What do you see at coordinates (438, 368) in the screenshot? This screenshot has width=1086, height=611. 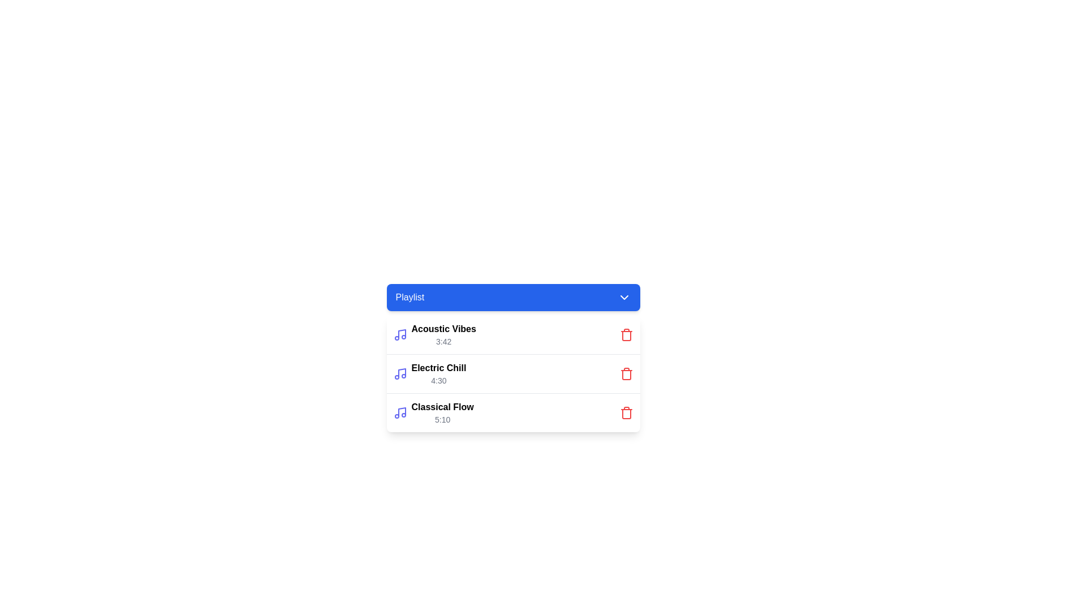 I see `the Text Label displaying 'Electric Chill' which is styled in bold font and serves as a header above the smaller text '4:30'` at bounding box center [438, 368].